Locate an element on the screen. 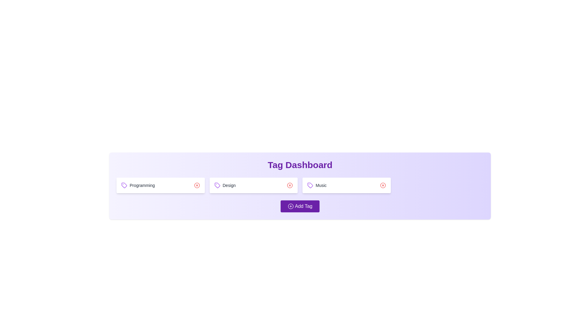 The width and height of the screenshot is (575, 323). the purple outlined plus sign icon within the 'Add Tag' button is located at coordinates (290, 206).